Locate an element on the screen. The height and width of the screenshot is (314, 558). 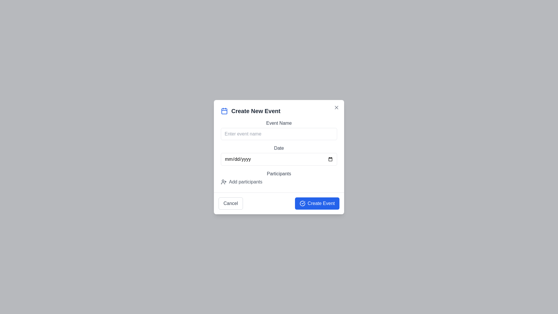
the calendar icon, styled with rounded corners and horizontal lines, located to the left of the heading 'Create New Event' in the top-left corner of the modal dialog is located at coordinates (224, 111).